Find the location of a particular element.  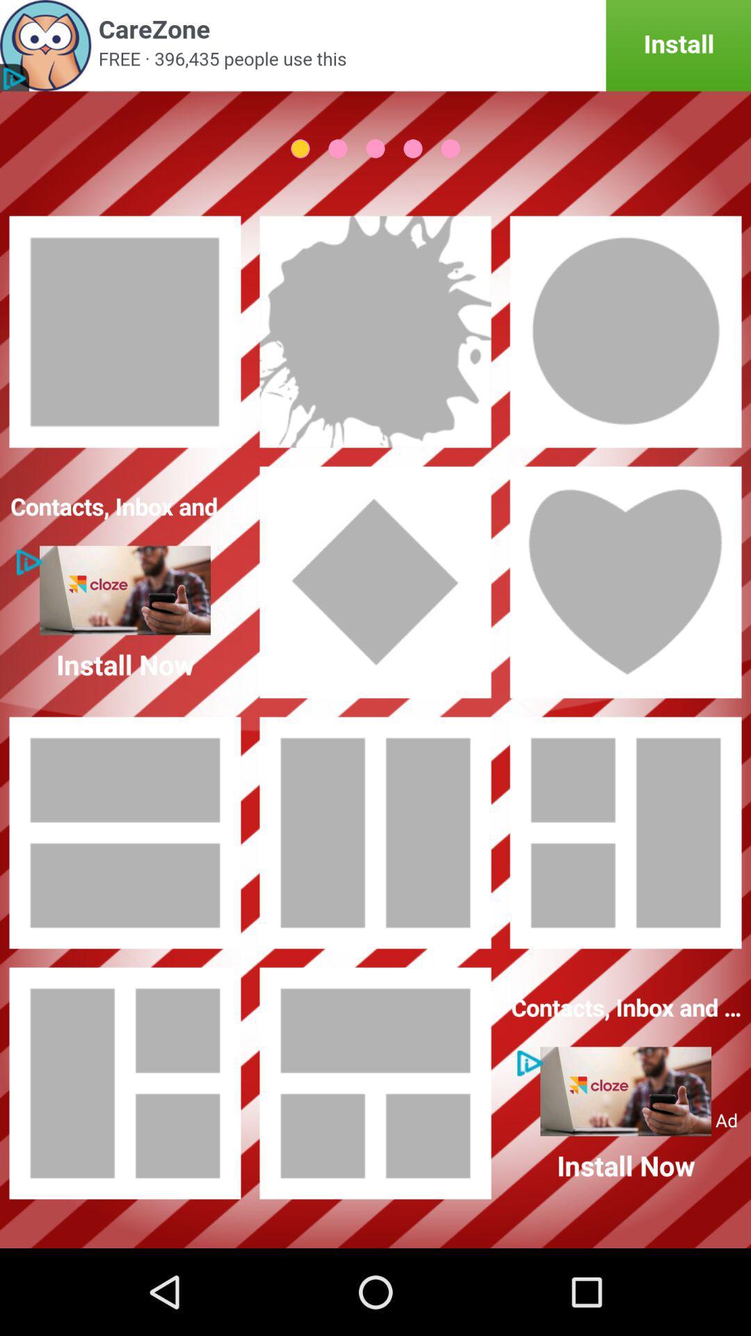

2 column collage is located at coordinates (375, 832).